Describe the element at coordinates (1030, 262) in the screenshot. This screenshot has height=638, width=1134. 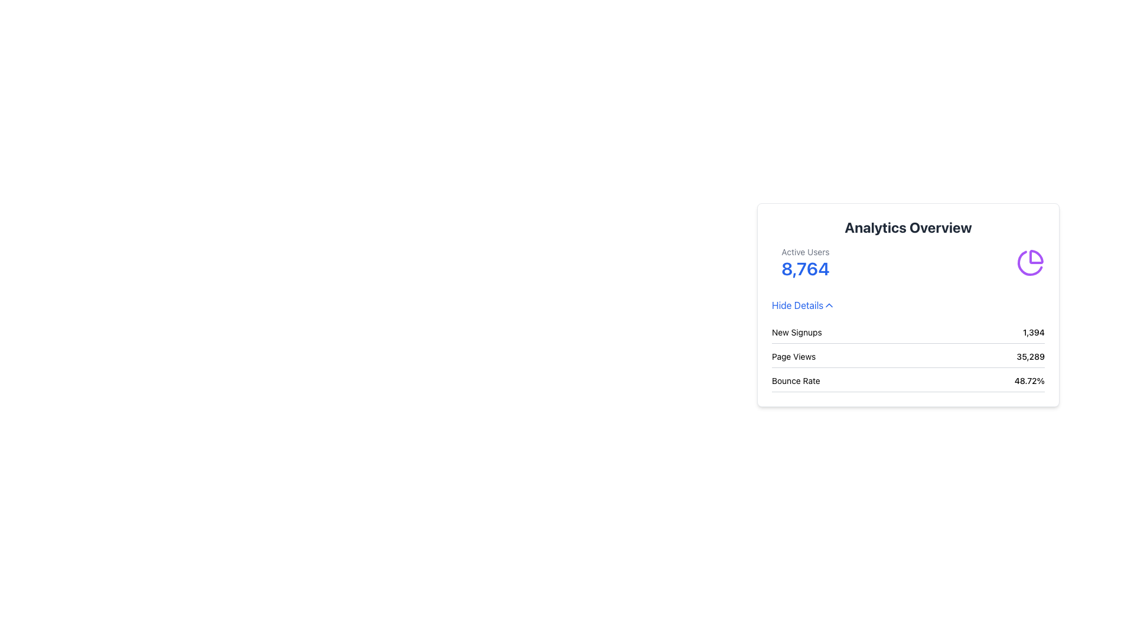
I see `the analytics icon located at the far-right corner of the 'Active Users' metric in the 'Analytics Overview' section, which signifies data visualization features` at that location.